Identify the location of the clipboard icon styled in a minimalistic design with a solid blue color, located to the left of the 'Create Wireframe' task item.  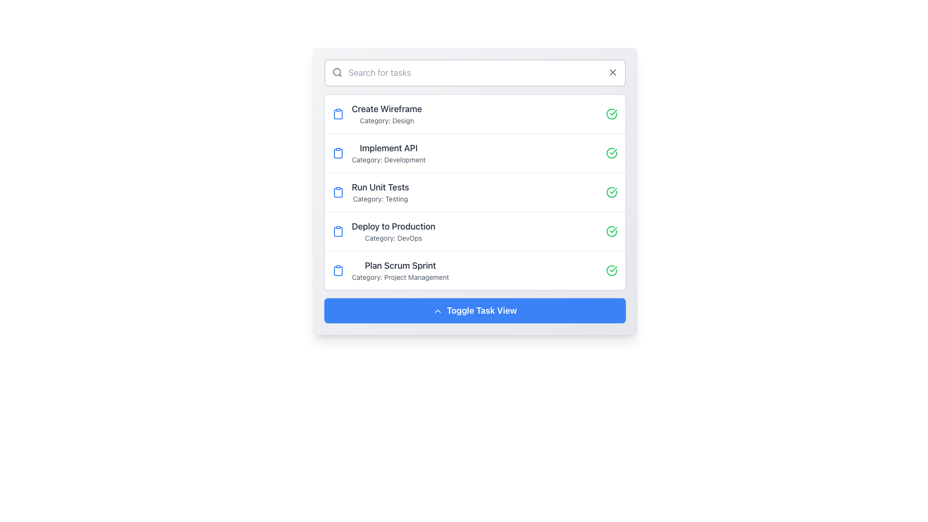
(338, 114).